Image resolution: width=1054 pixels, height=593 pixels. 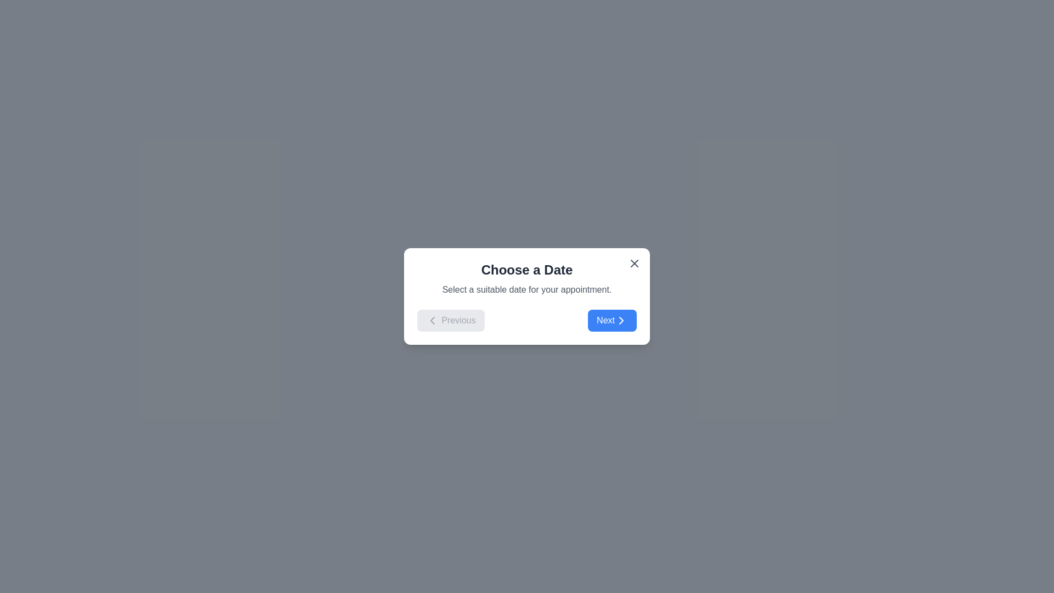 What do you see at coordinates (451, 320) in the screenshot?
I see `the navigation button located on the left side of the modal dialog to move to the previous step in the interface flow` at bounding box center [451, 320].